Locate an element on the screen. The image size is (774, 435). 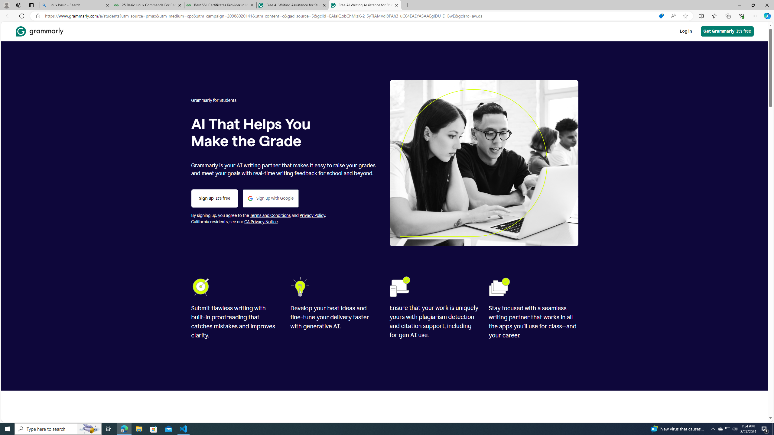
'Folders' is located at coordinates (499, 287).